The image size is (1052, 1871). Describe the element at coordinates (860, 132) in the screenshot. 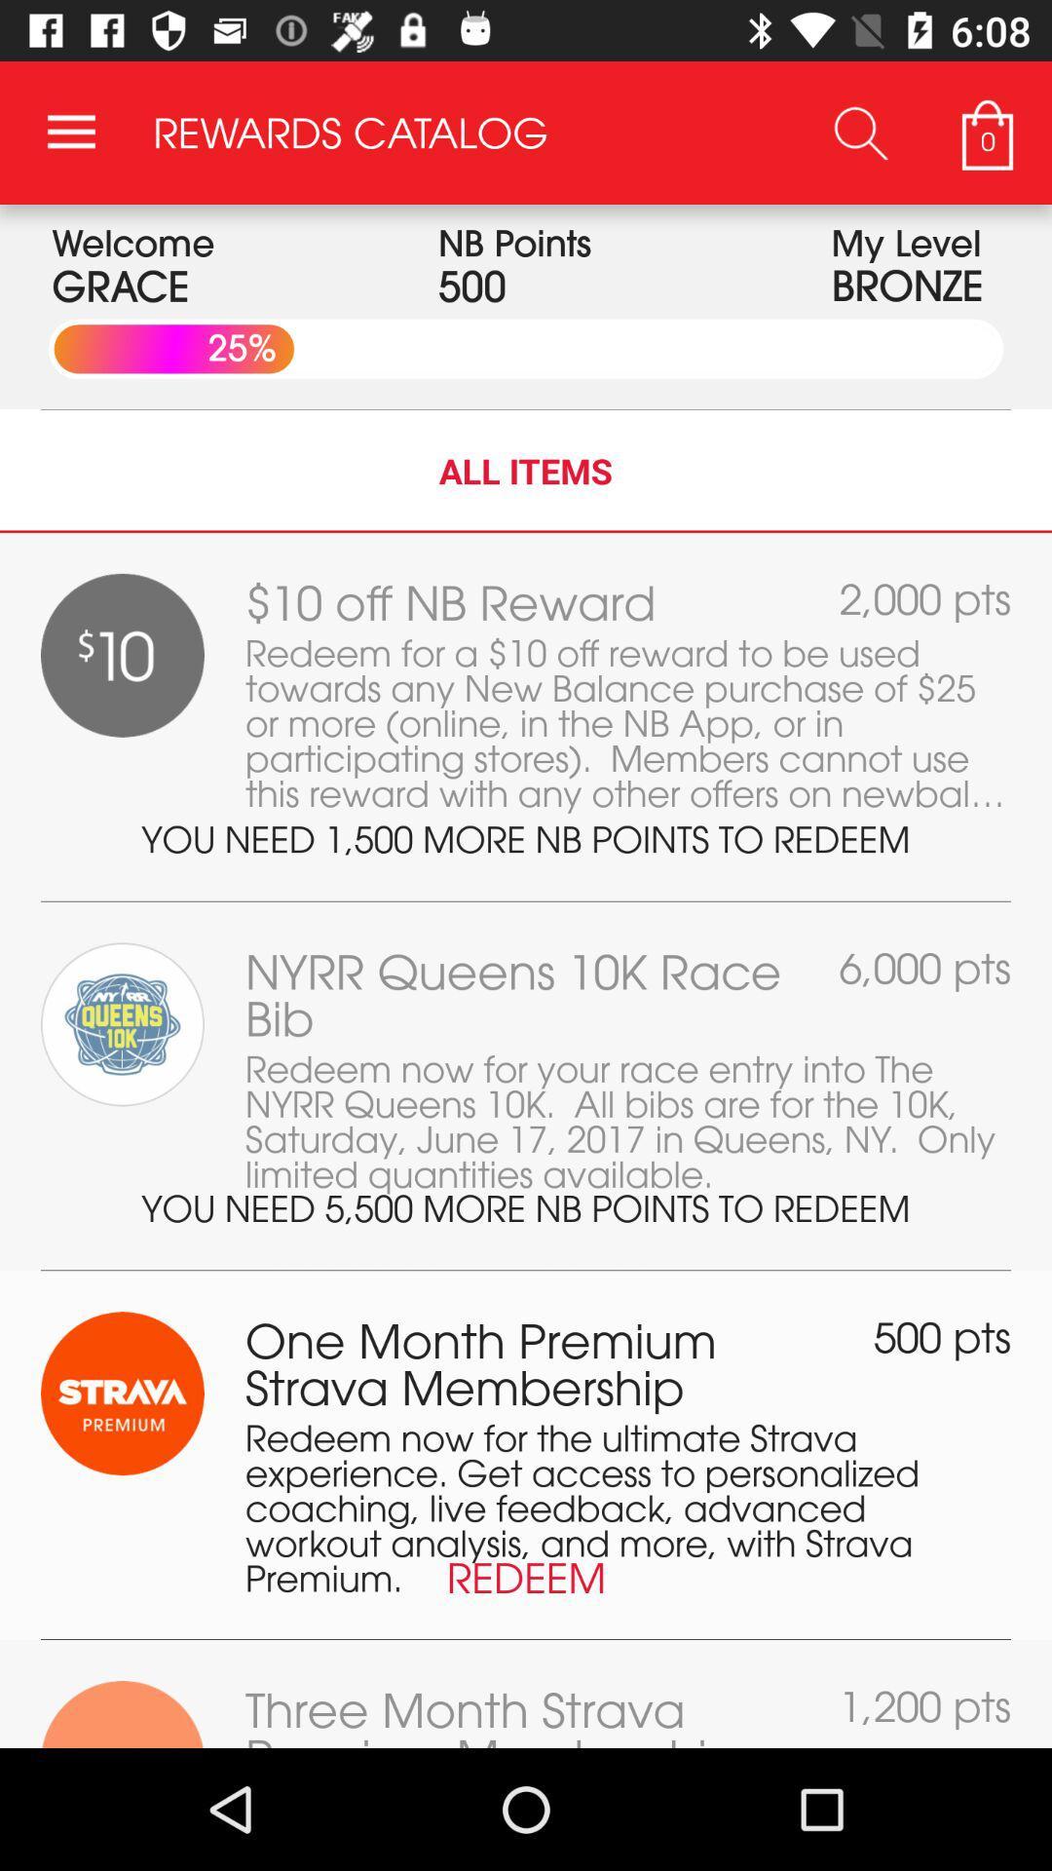

I see `the item next to 0 item` at that location.